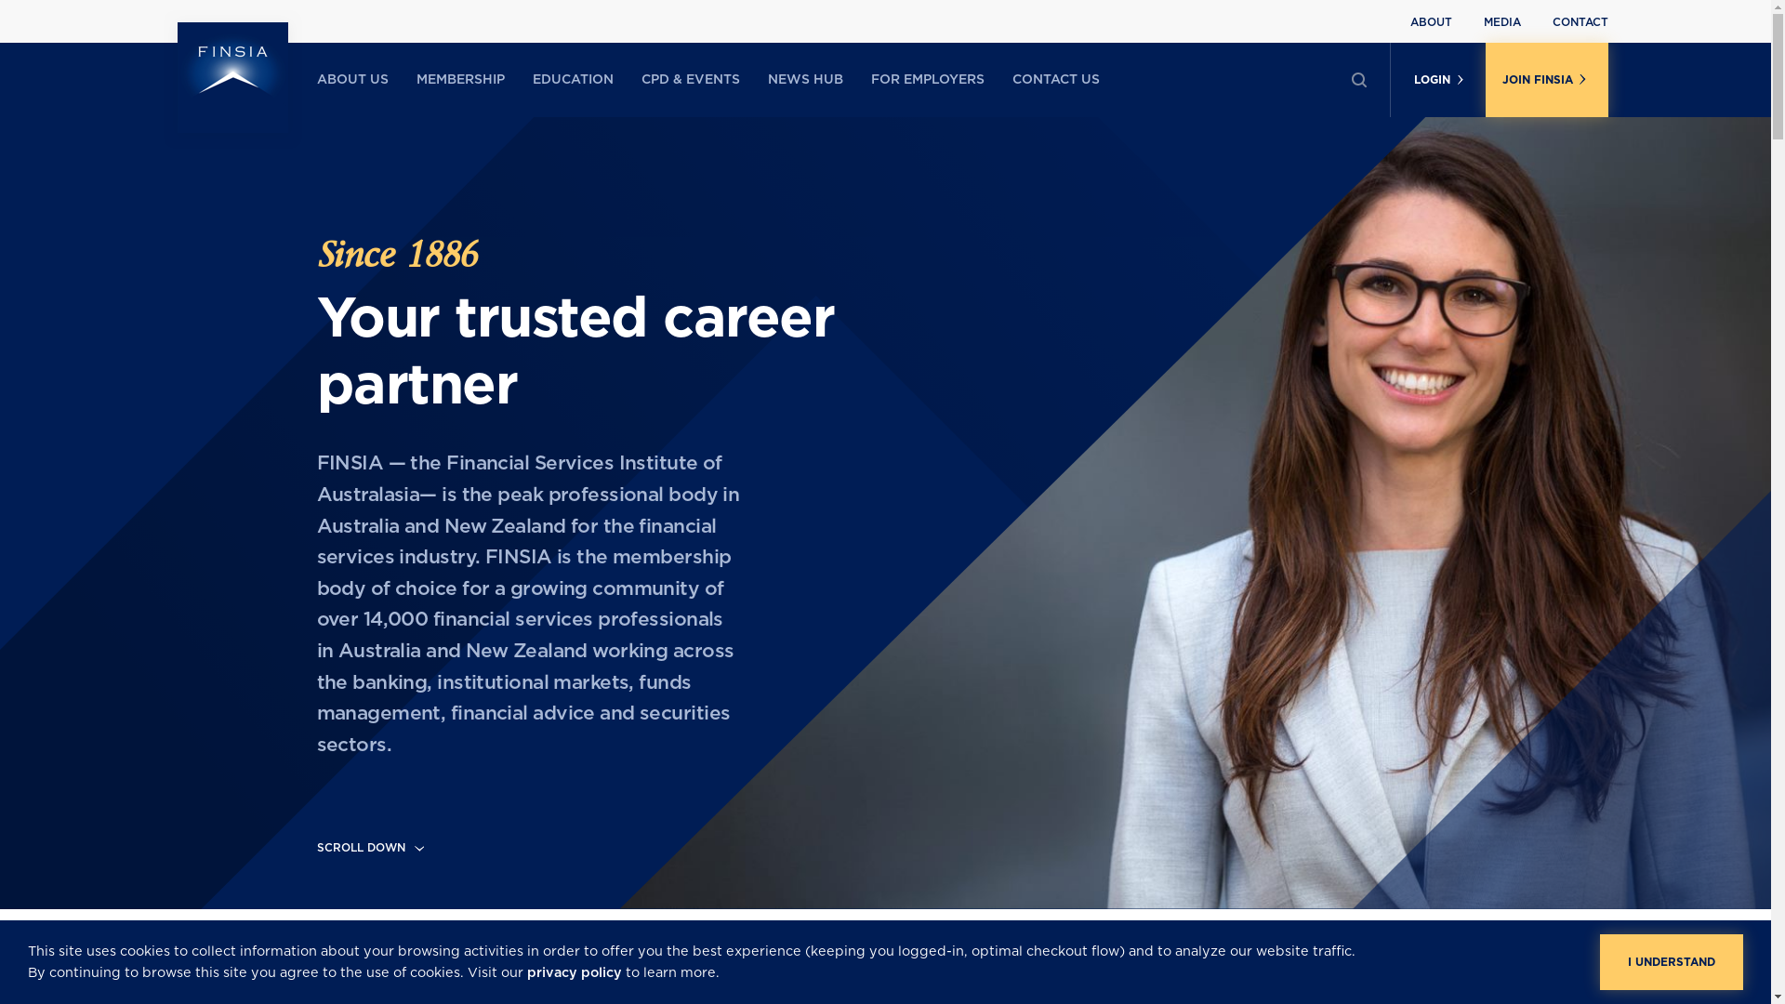  I want to click on 'I UNDERSTAND', so click(1672, 961).